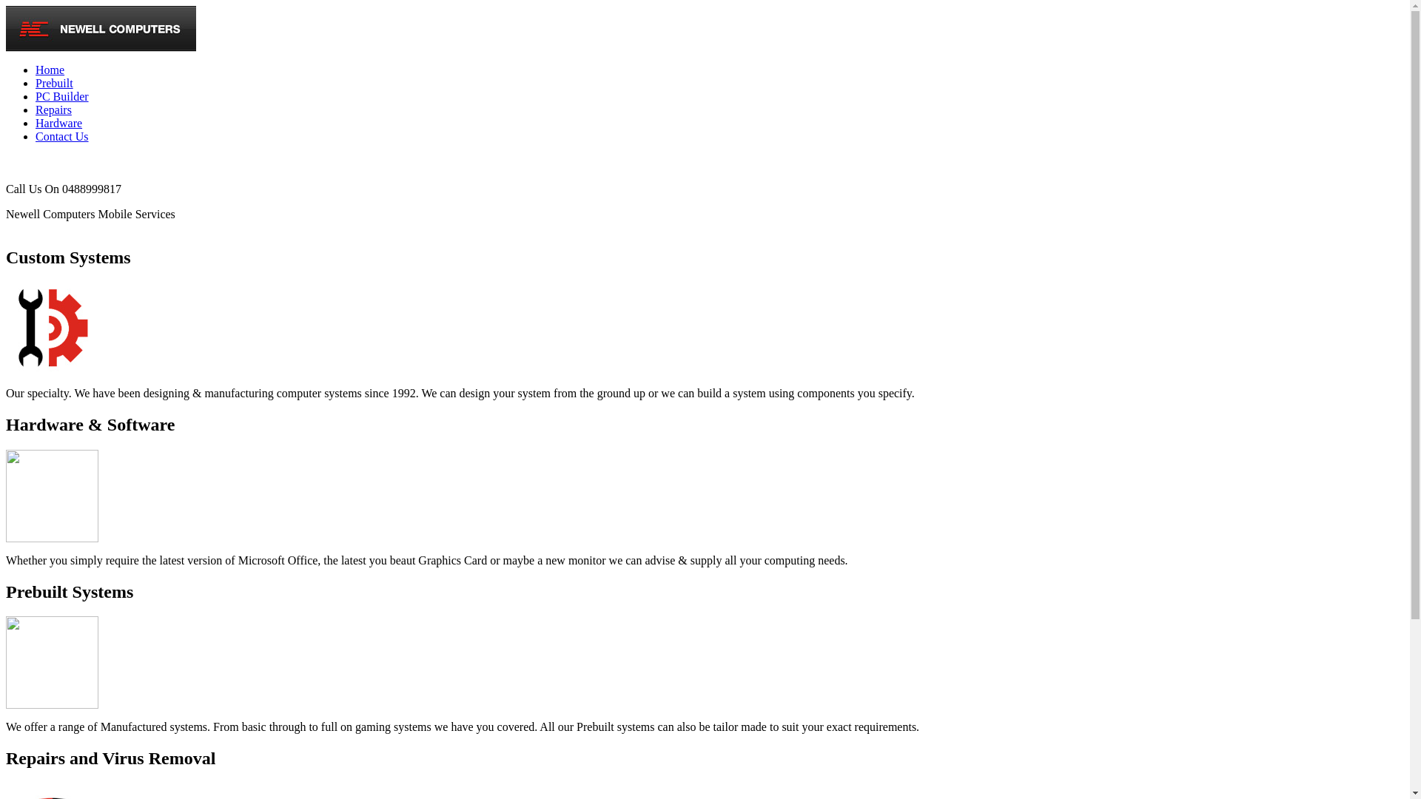 The image size is (1421, 799). I want to click on 'Home', so click(50, 70).